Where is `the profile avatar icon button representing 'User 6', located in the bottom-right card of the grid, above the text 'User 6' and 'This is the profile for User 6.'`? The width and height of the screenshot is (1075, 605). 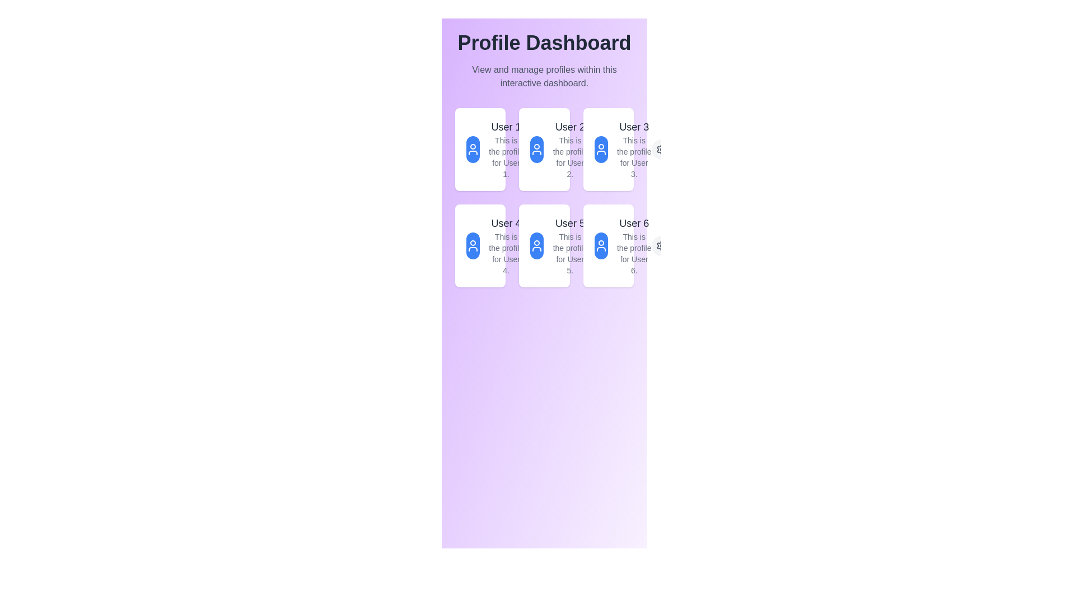 the profile avatar icon button representing 'User 6', located in the bottom-right card of the grid, above the text 'User 6' and 'This is the profile for User 6.' is located at coordinates (600, 245).